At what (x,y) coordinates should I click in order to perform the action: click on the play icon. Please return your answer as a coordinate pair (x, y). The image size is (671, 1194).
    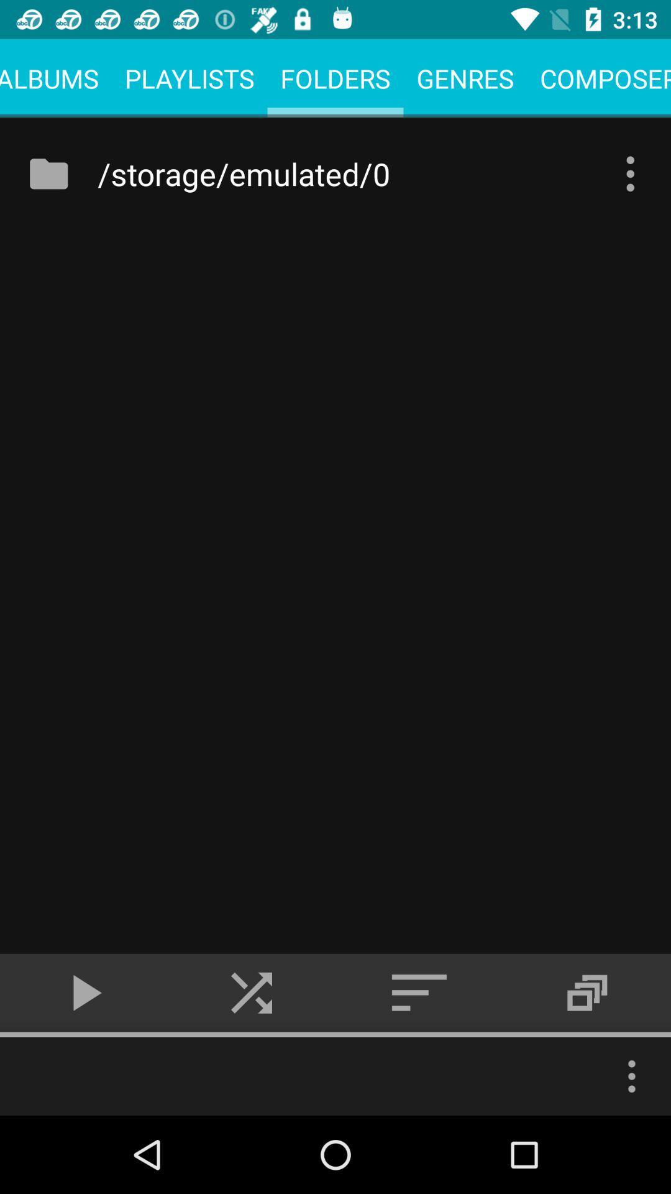
    Looking at the image, I should click on (84, 992).